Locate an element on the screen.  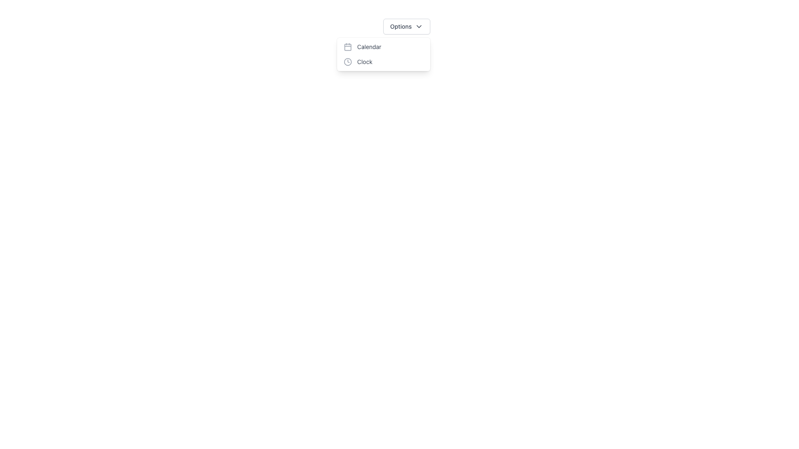
the circular ring in the clock icon located in the dropdown menu under the 'Options' label by clicking on it is located at coordinates (348, 62).